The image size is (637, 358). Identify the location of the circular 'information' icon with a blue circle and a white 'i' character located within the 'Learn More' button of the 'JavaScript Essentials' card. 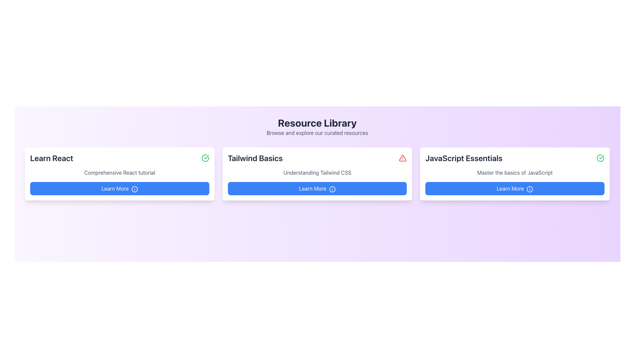
(530, 189).